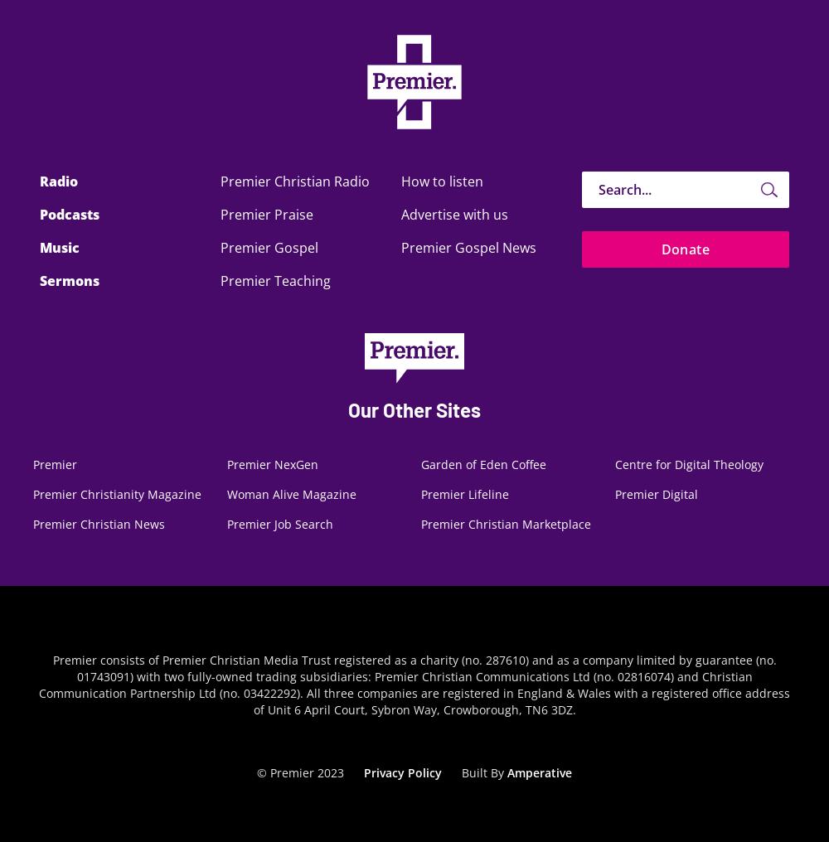  I want to click on 'Premier Job Search', so click(279, 524).